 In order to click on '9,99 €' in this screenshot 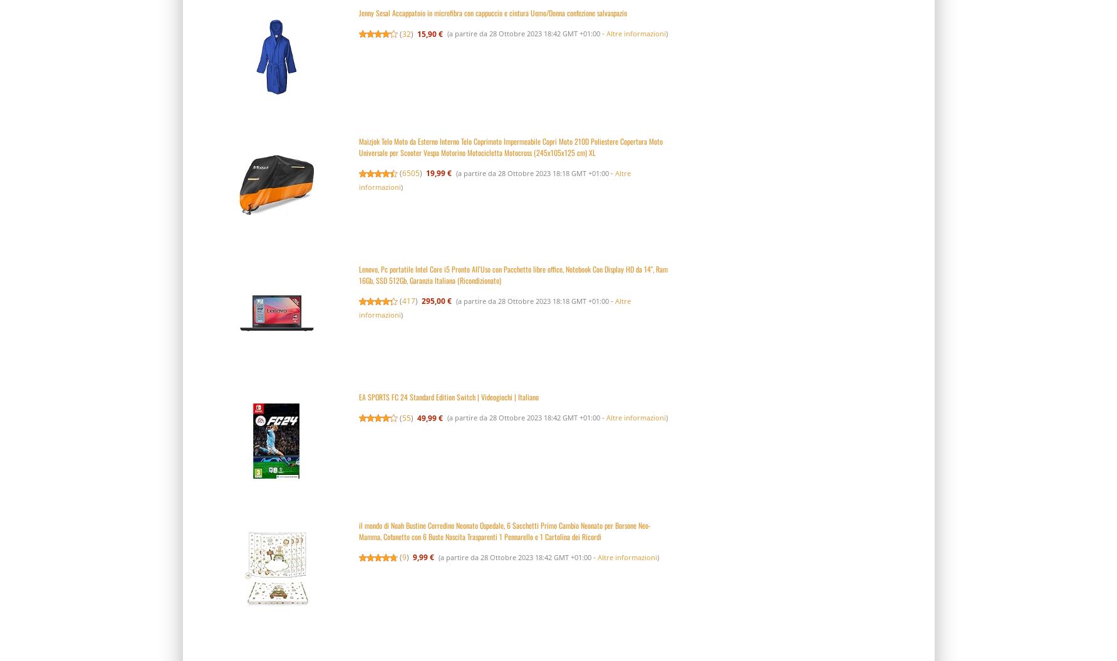, I will do `click(412, 556)`.